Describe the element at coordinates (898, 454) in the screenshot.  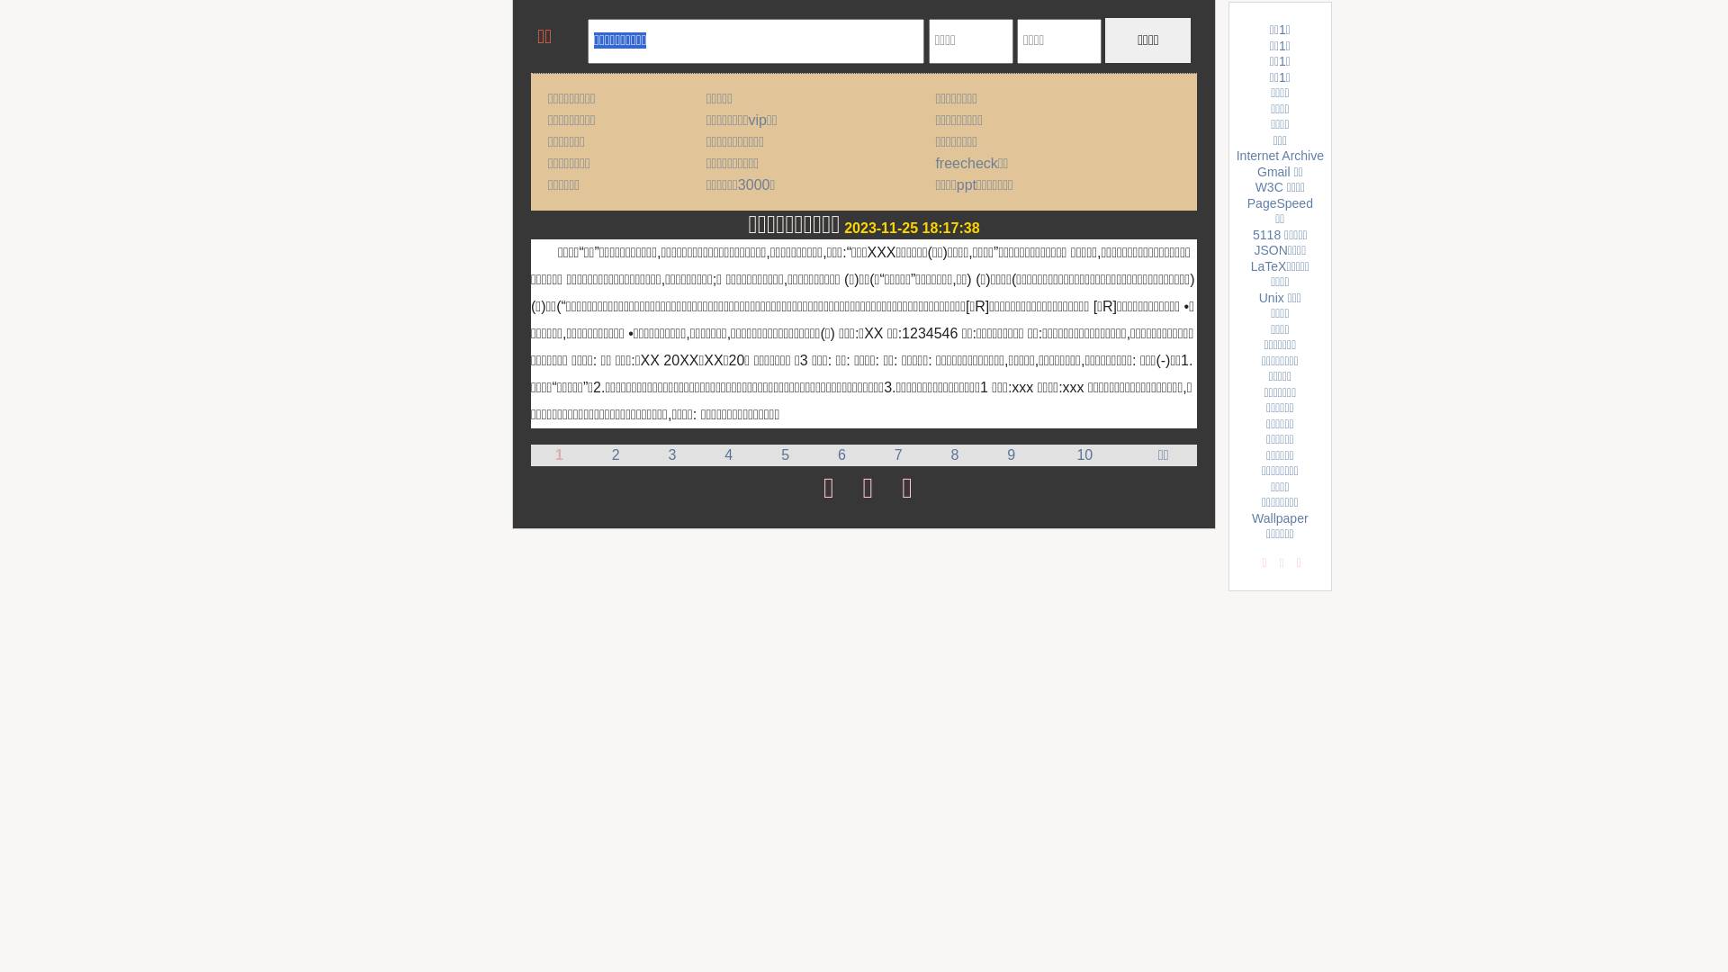
I see `'7'` at that location.